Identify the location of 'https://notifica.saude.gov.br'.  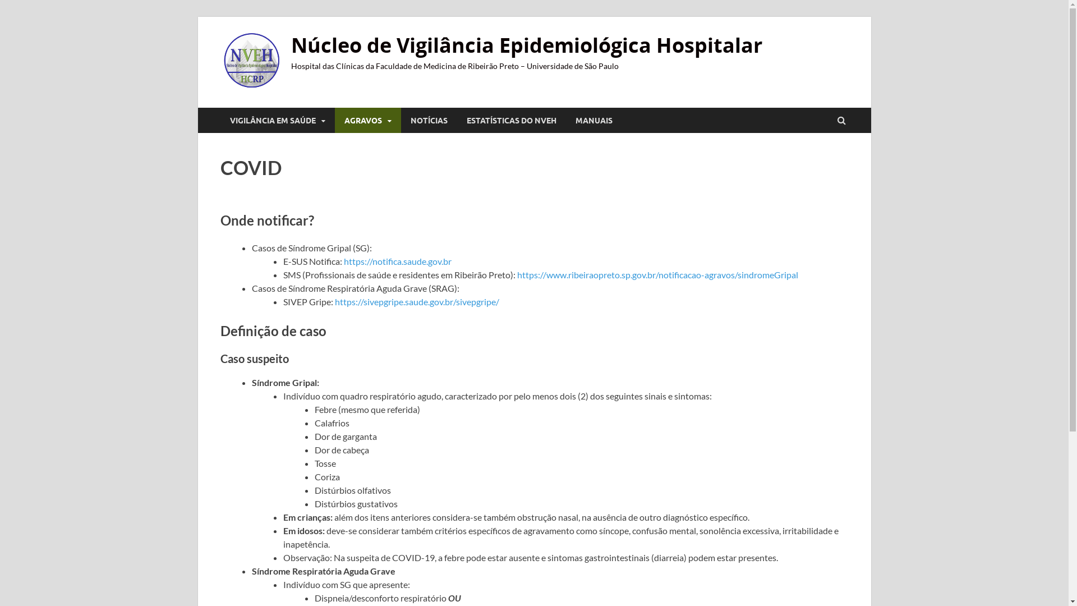
(397, 261).